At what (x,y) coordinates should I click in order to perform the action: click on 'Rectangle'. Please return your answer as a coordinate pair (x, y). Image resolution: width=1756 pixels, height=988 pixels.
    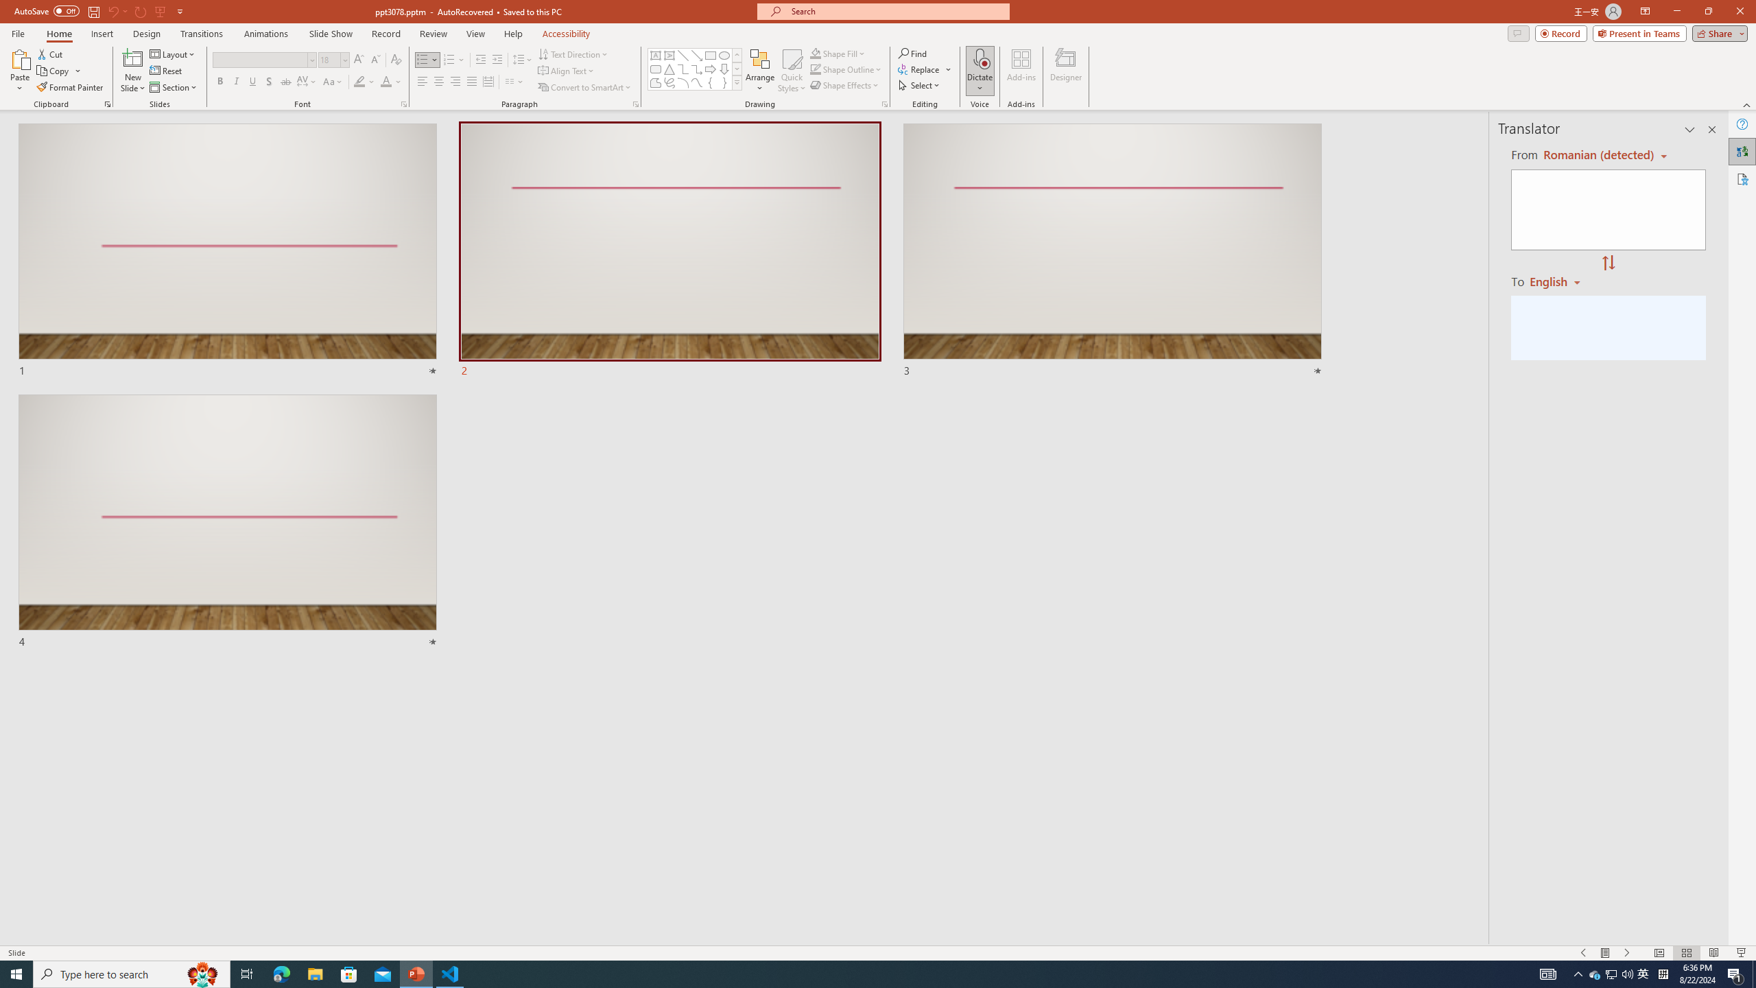
    Looking at the image, I should click on (710, 55).